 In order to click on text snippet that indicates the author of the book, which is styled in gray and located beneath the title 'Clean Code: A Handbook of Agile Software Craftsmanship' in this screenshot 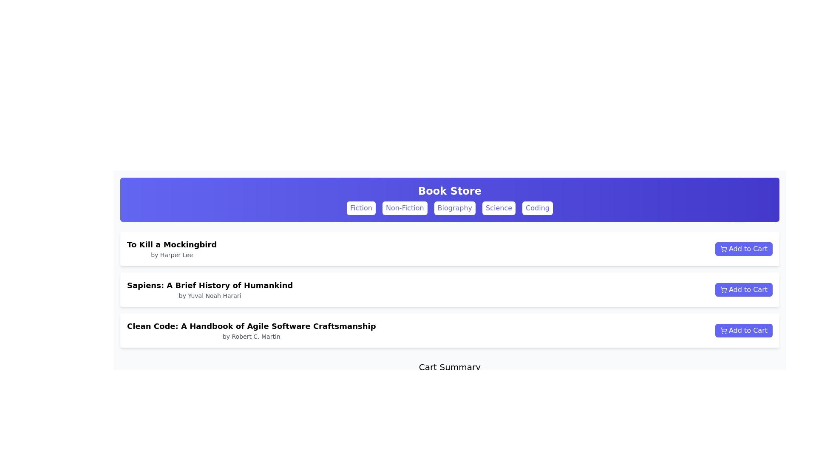, I will do `click(251, 336)`.